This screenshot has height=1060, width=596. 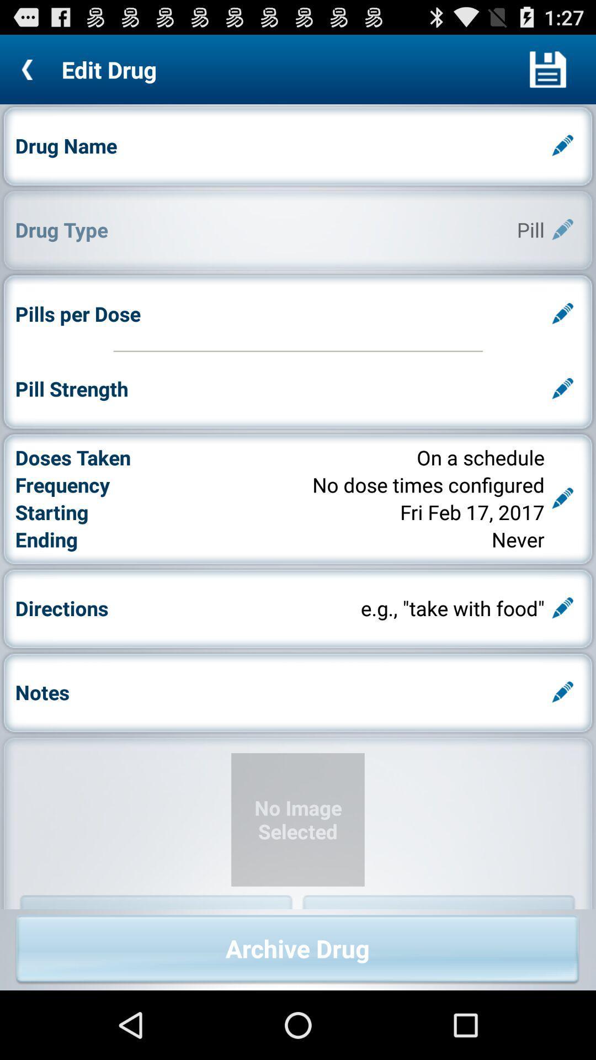 What do you see at coordinates (30, 73) in the screenshot?
I see `the arrow_backward icon` at bounding box center [30, 73].